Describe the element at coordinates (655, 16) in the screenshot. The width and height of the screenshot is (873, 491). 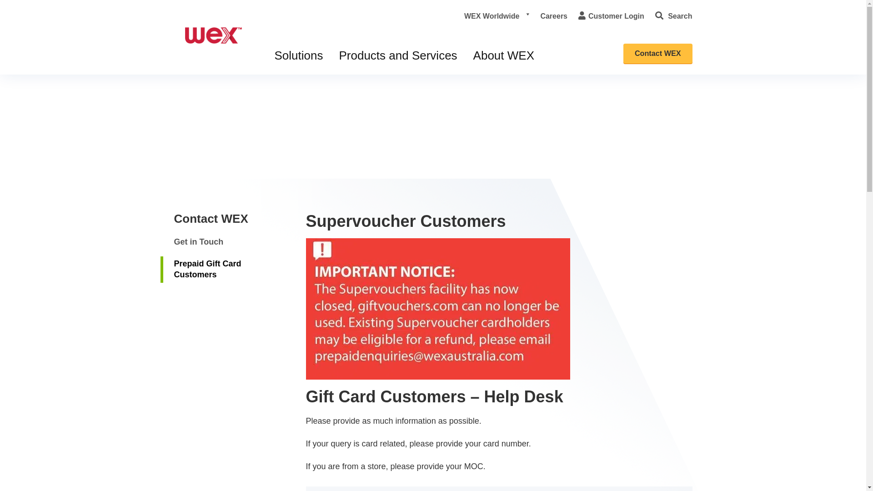
I see `'Search'` at that location.